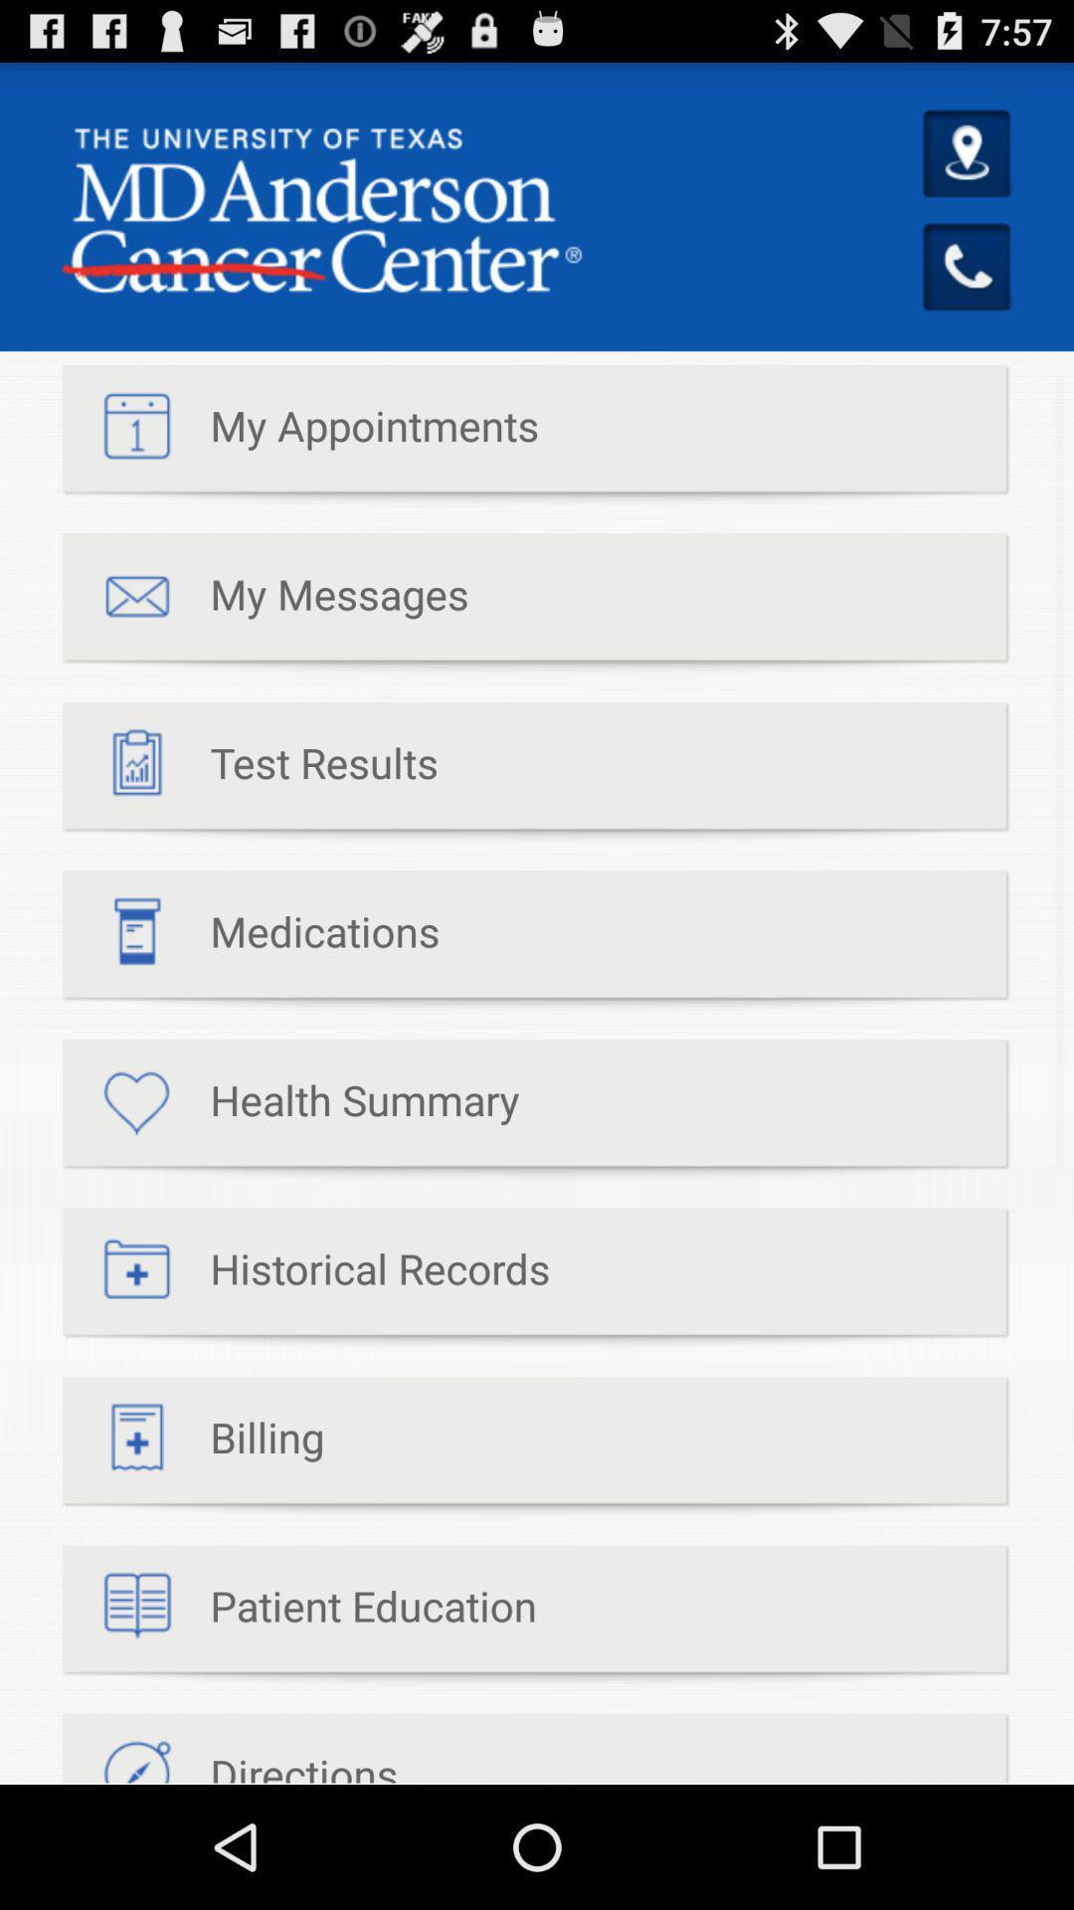 Image resolution: width=1074 pixels, height=1910 pixels. I want to click on the item below the my appointments, so click(265, 603).